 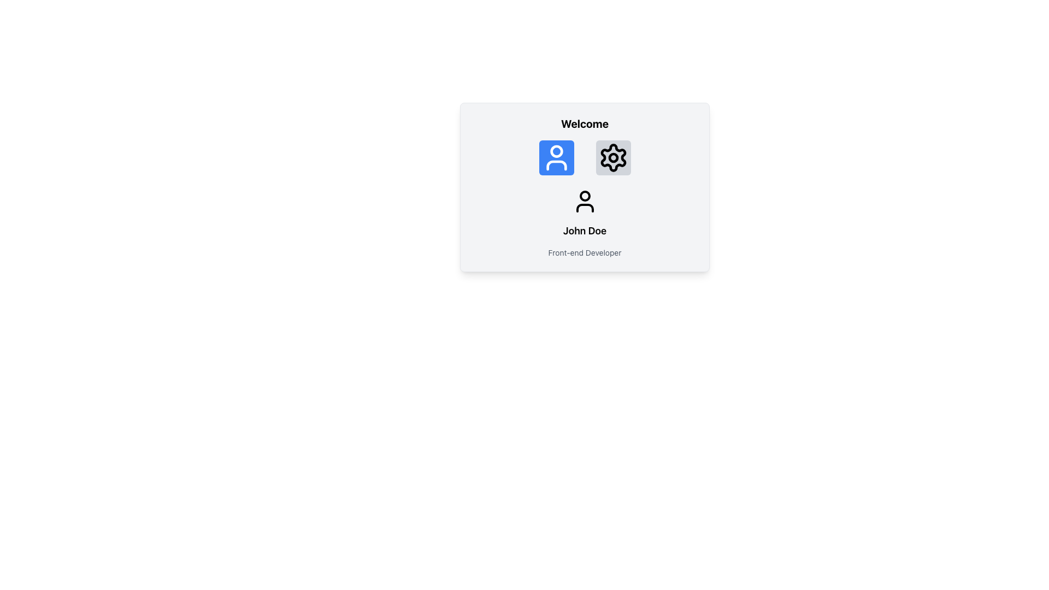 I want to click on the text label that reads 'John Doe', which is styled with a larger font size and bold weight, positioned below a person icon in the user profile section, so click(x=584, y=231).